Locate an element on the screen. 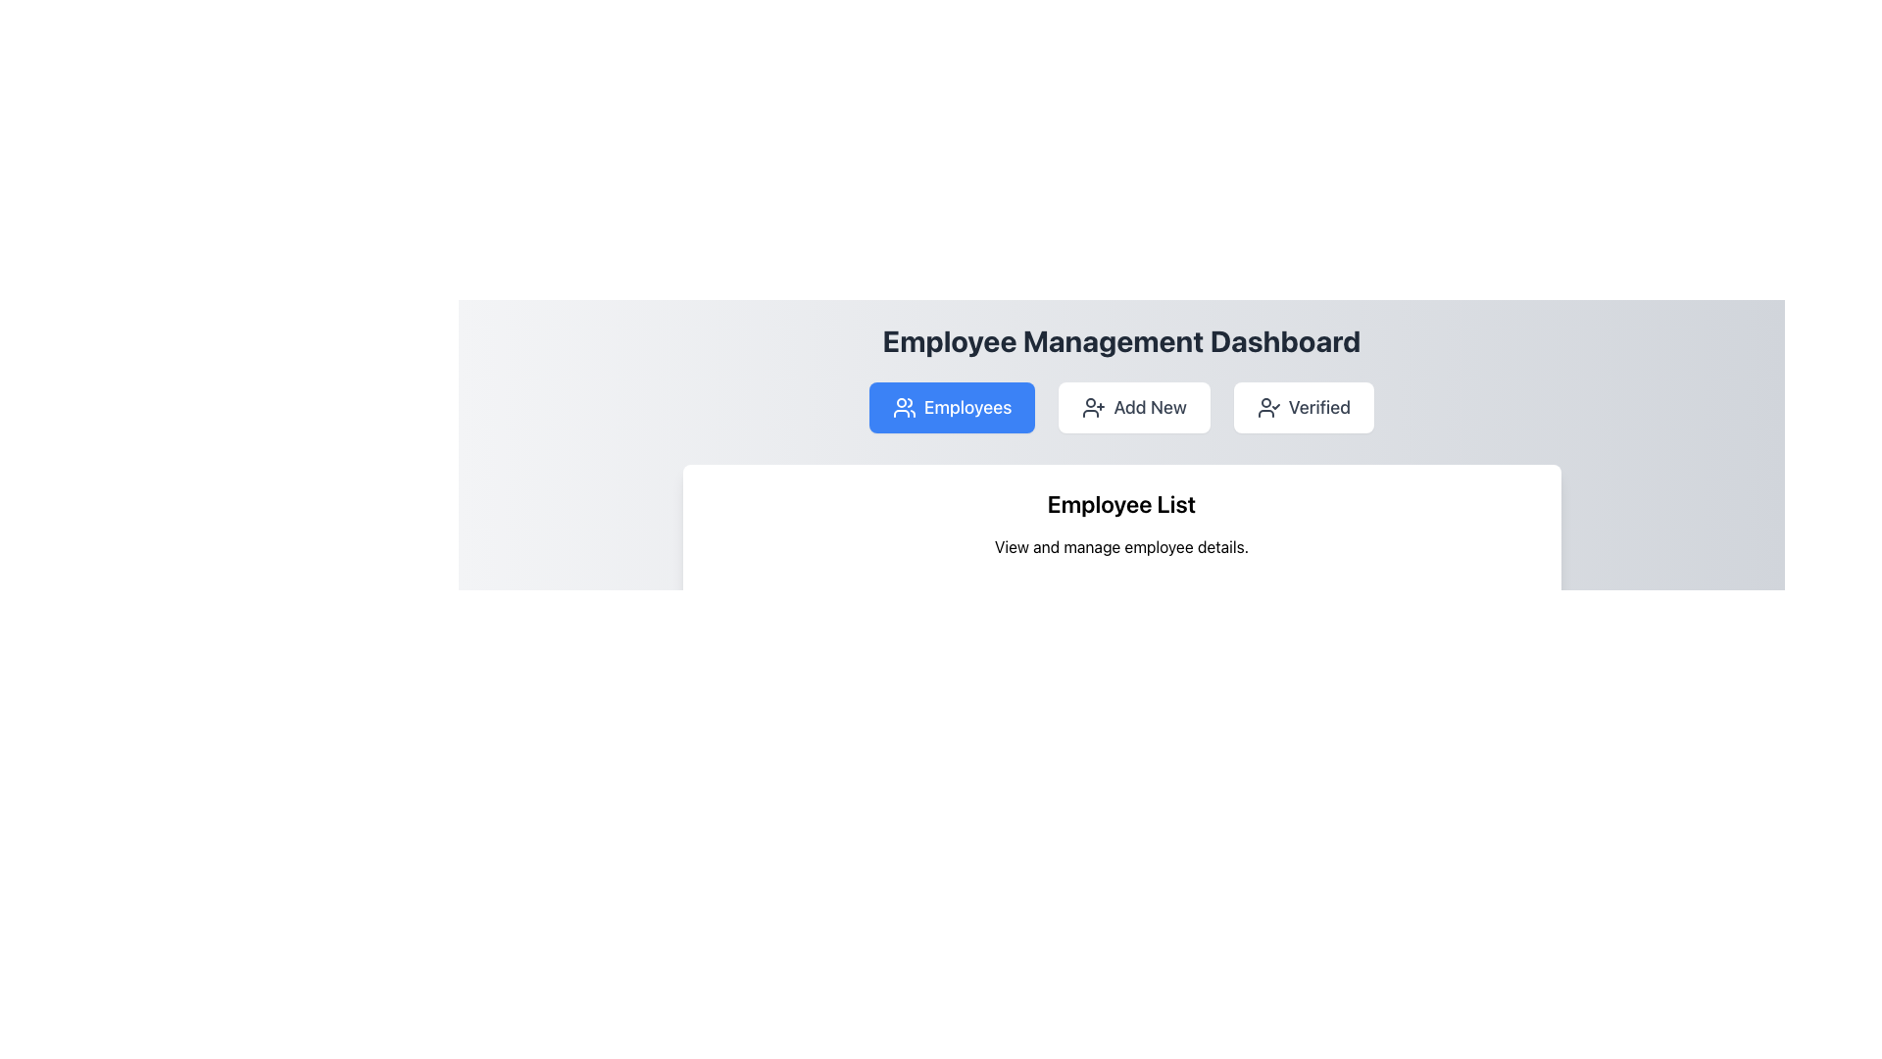 The height and width of the screenshot is (1059, 1882). the SVG Icon representing a user outline with a checkmark, embedded in the 'Verified' button located below the 'Employee Management Dashboard' is located at coordinates (1268, 407).